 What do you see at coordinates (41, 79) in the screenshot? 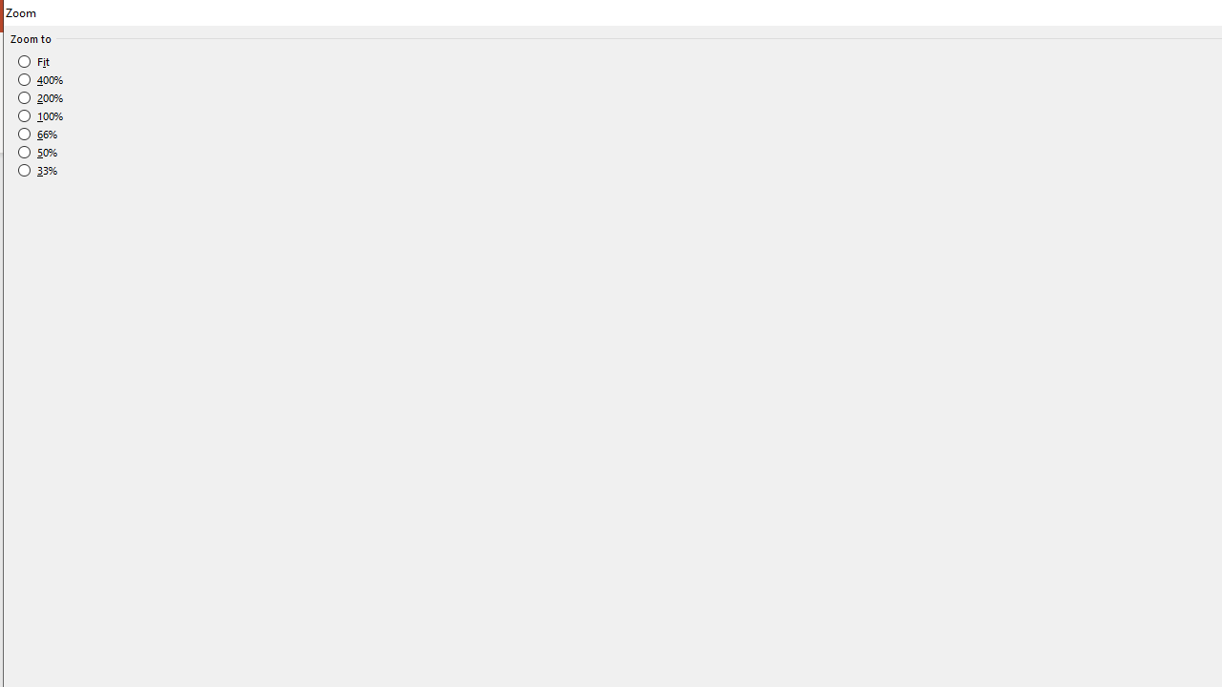
I see `'400%'` at bounding box center [41, 79].